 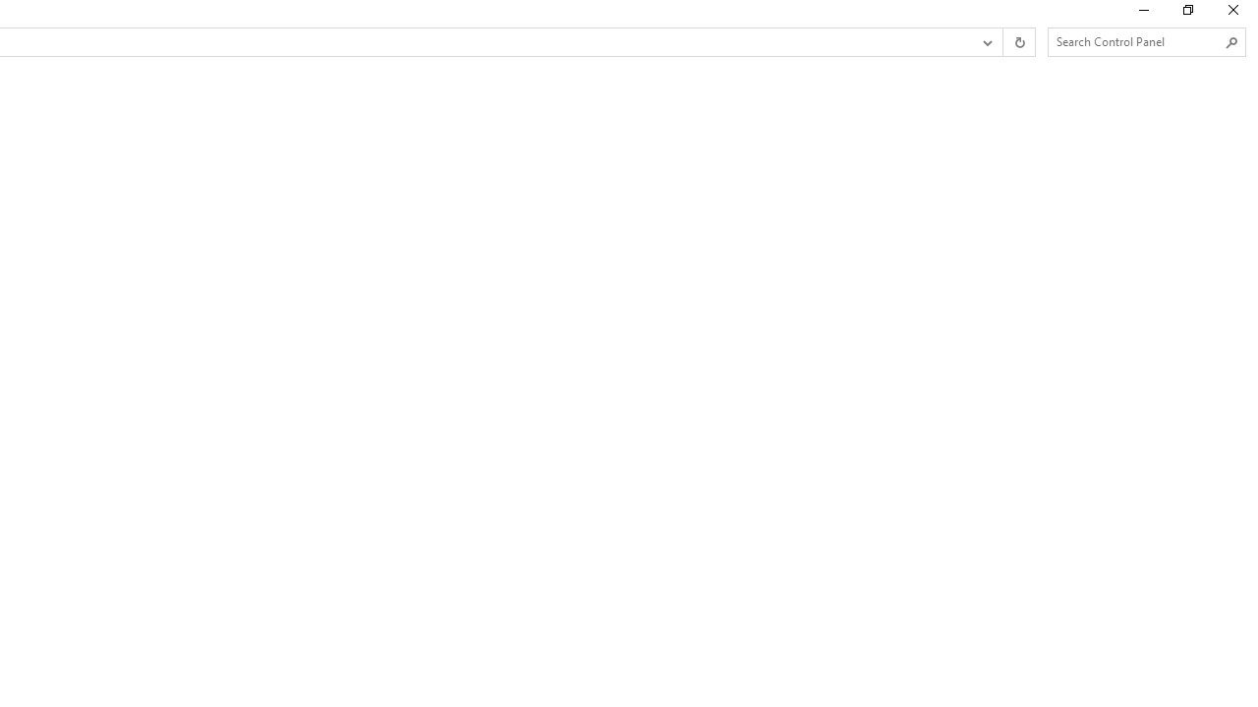 What do you see at coordinates (1018, 42) in the screenshot?
I see `'Refresh "System and Security" (F5)'` at bounding box center [1018, 42].